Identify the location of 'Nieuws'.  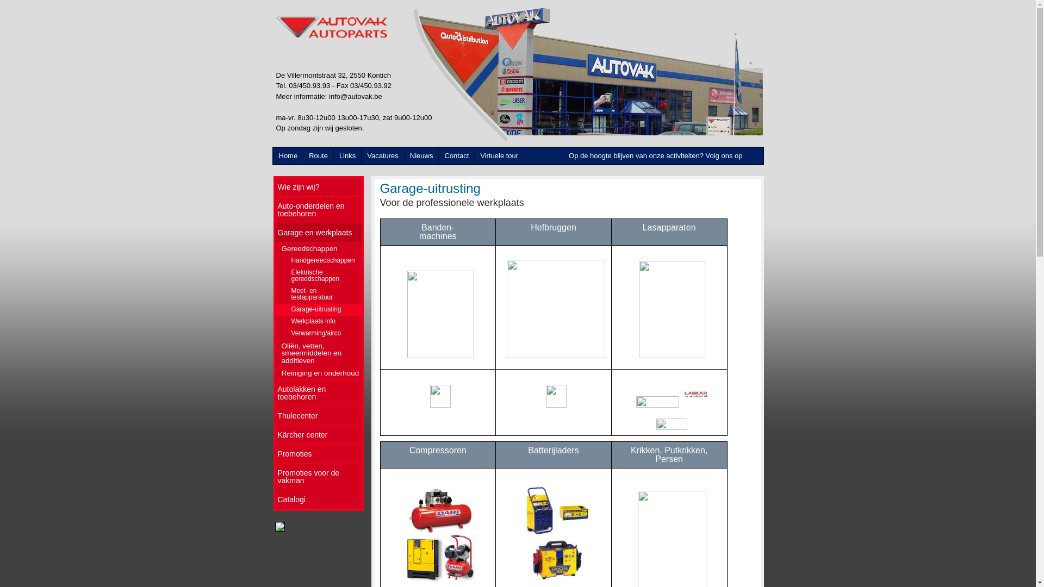
(421, 156).